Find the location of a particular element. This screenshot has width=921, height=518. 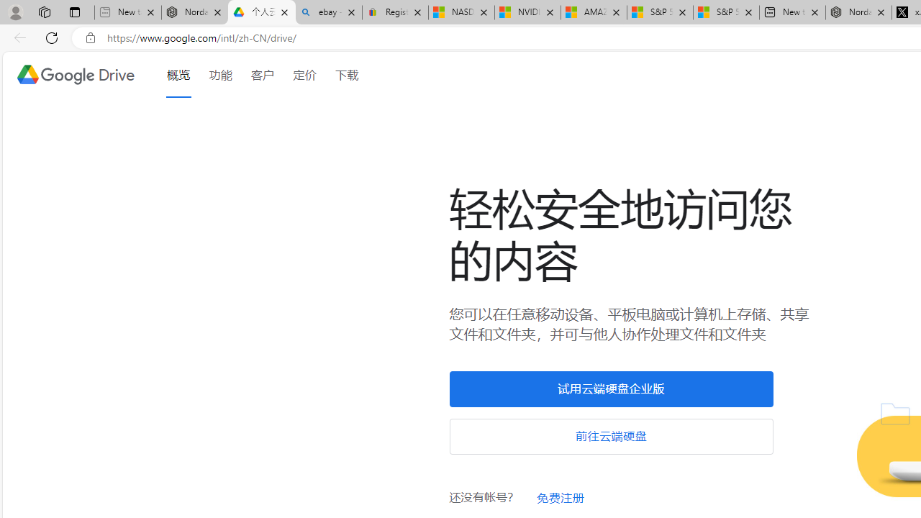

'New tab - Sleeping' is located at coordinates (127, 12).